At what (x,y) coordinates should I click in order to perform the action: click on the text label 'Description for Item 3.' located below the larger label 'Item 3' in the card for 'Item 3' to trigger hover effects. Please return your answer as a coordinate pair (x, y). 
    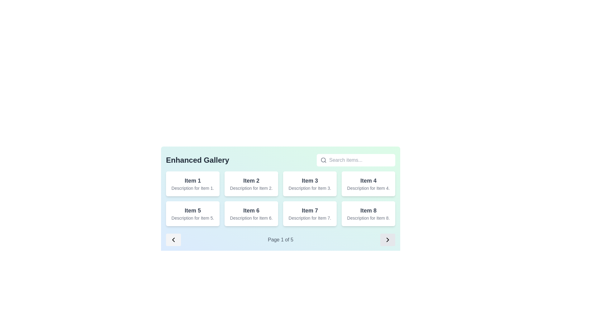
    Looking at the image, I should click on (310, 188).